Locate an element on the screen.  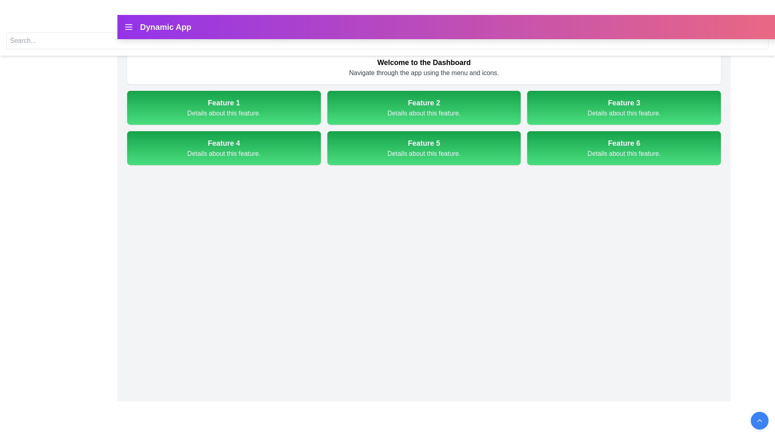
the informational card that provides details about Feature 6, located in the bottom-right corner of the grid layout, adjacent to the card labeled 'Feature 5' is located at coordinates (624, 148).